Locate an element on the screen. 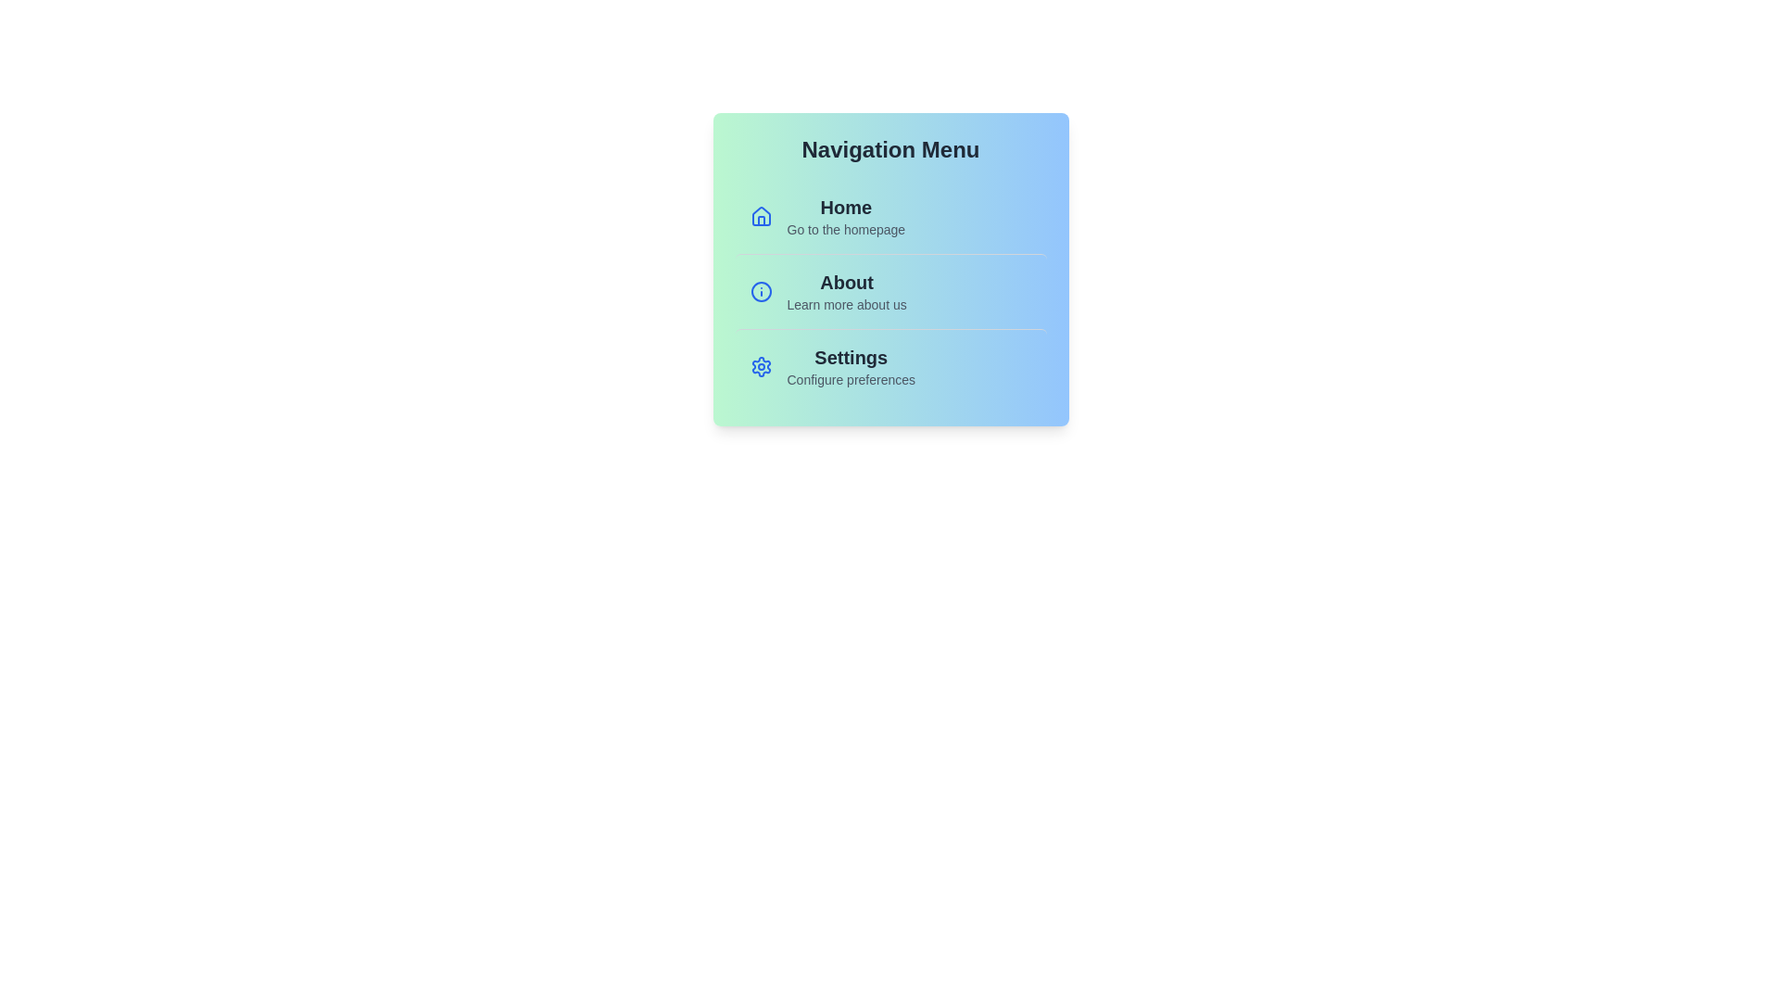 The image size is (1779, 1001). the menu item labeled Settings to navigate to its corresponding page is located at coordinates (890, 366).